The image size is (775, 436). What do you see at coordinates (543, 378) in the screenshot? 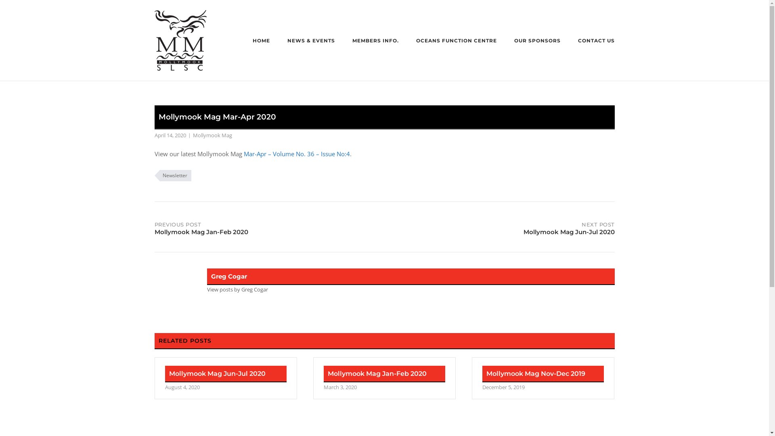
I see `'Mollymook Mag Nov-Dec 2019` at bounding box center [543, 378].